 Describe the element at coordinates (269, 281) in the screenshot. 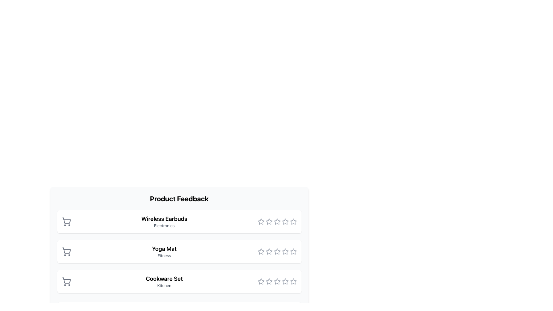

I see `the third star in the star rating widget for the 'Cookware Set' in the 'Product Feedback' section` at that location.